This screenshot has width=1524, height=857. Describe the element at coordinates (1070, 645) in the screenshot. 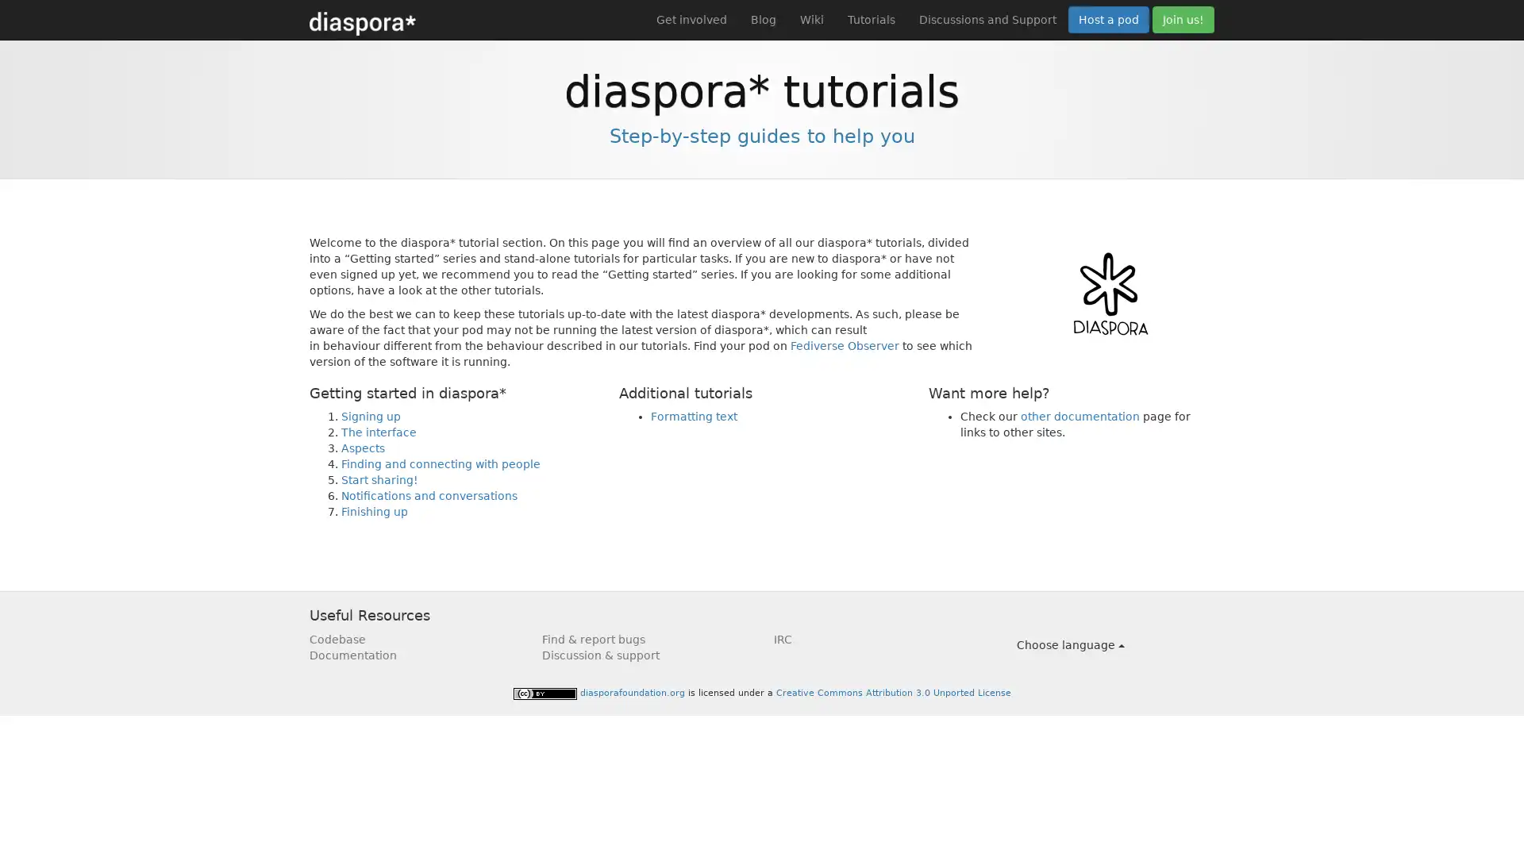

I see `Choose language` at that location.